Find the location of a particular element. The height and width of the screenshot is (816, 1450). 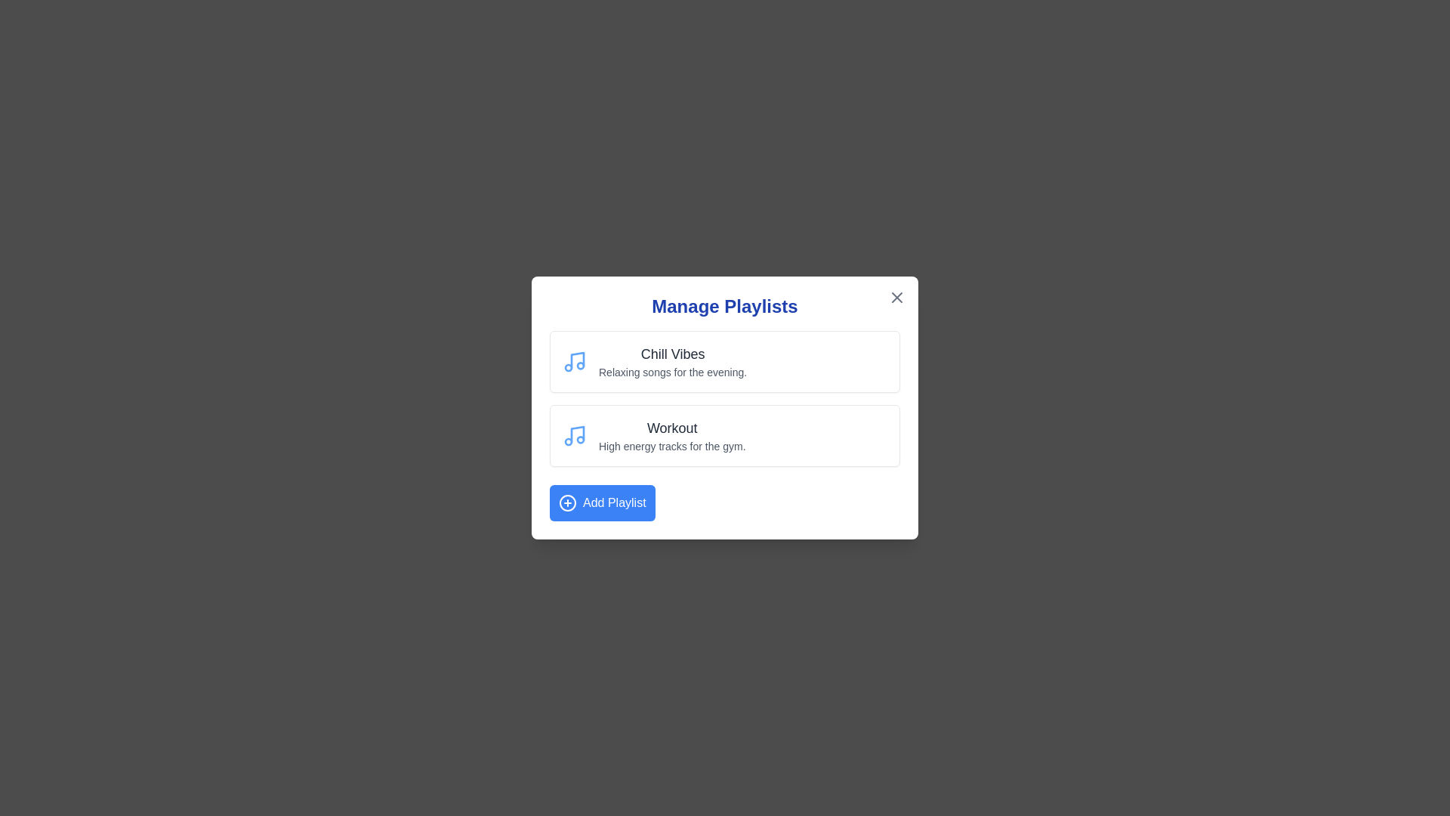

the 'Workout' text block element in the 'Manage Playlists' modal dialog is located at coordinates (671, 436).